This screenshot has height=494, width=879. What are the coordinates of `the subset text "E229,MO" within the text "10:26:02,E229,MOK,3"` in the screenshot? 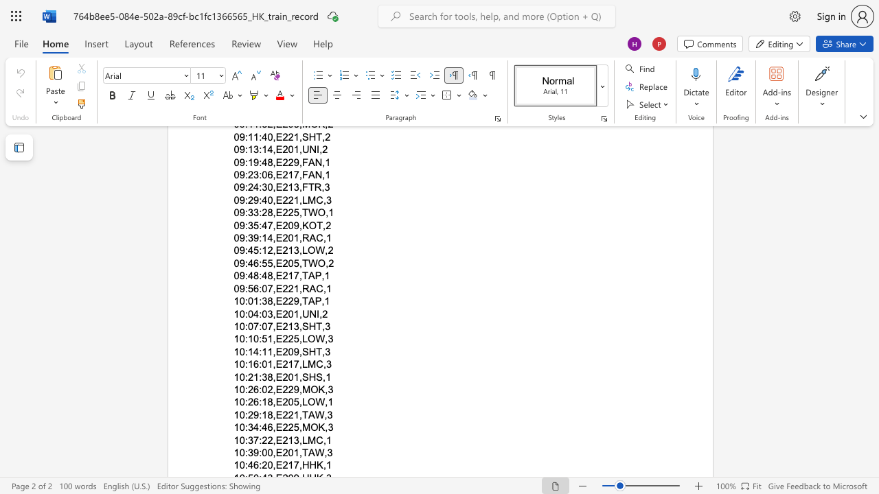 It's located at (275, 389).